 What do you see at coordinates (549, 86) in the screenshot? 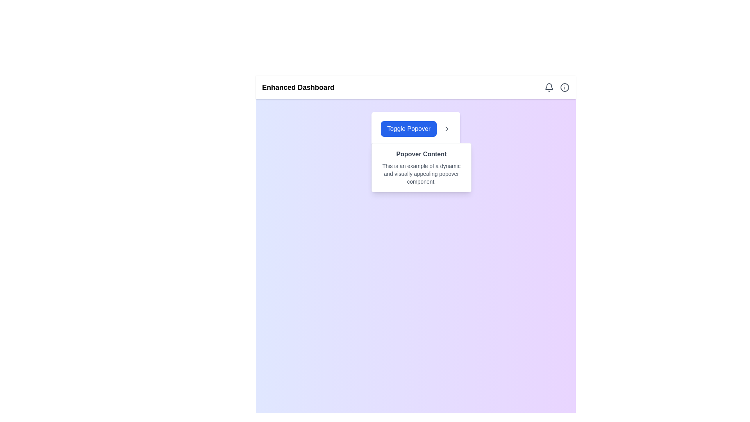
I see `the gray bell icon located in the header, positioned to the left of the circular 'info' icon` at bounding box center [549, 86].